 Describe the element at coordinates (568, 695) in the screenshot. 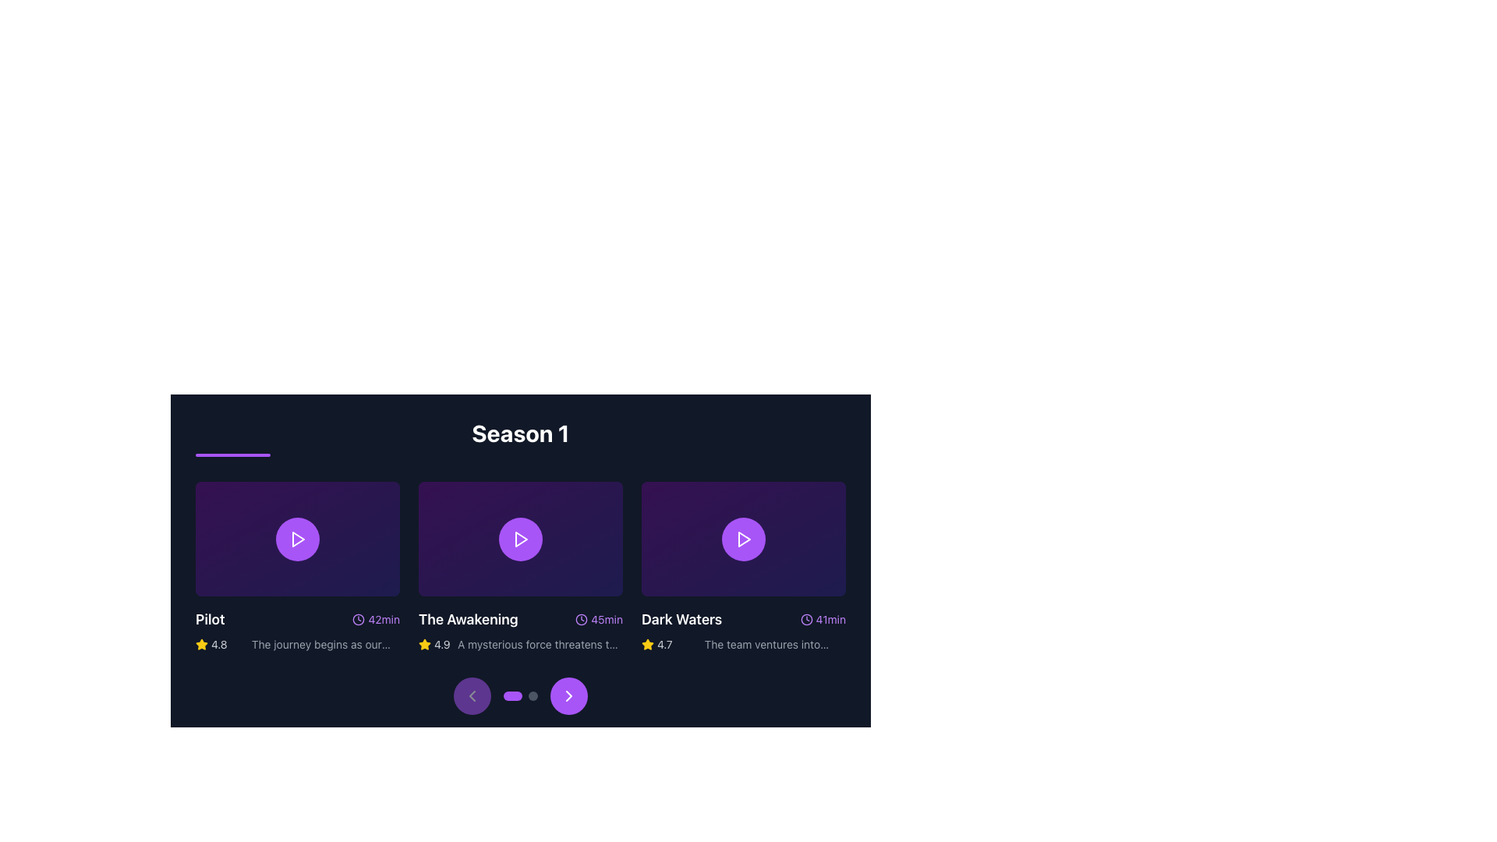

I see `the rightward-pointing chevron arrow icon, which is part of a button-like component located at the bottom center of the interface` at that location.